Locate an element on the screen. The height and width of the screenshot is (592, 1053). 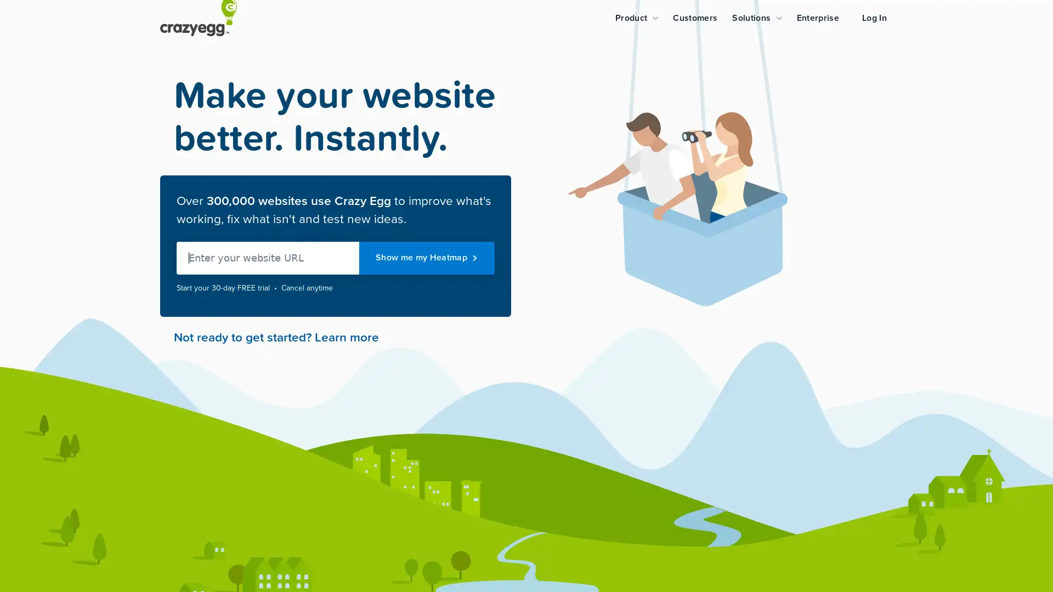
Not ready to get started? Learn more is located at coordinates (276, 347).